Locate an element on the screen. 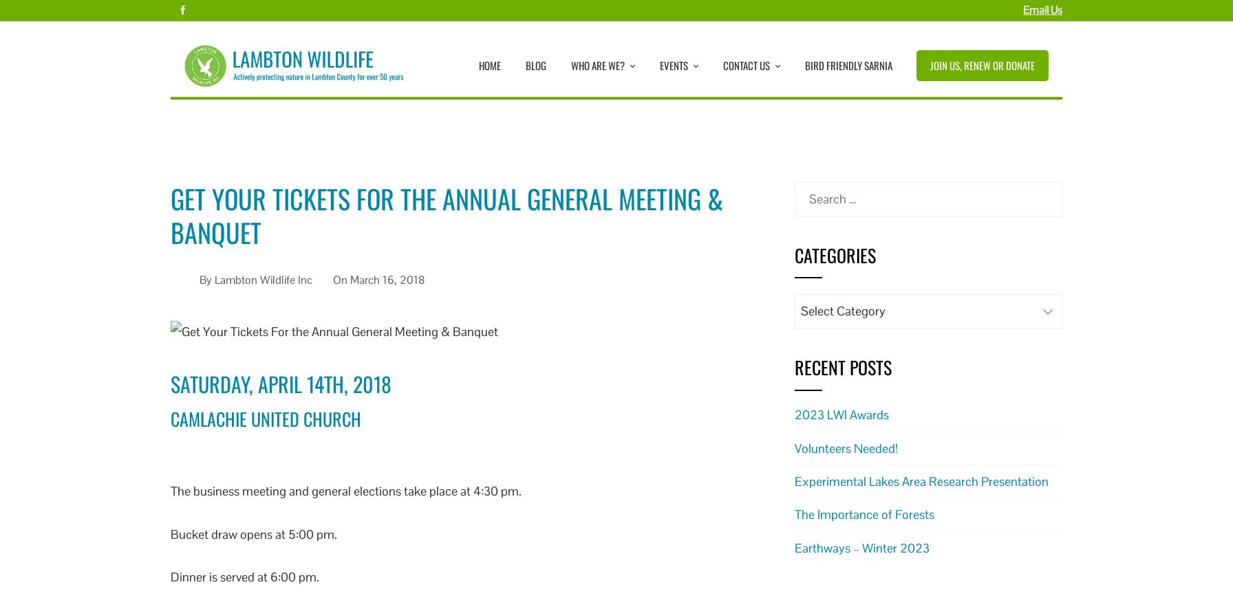  'March 16, 2018' is located at coordinates (387, 279).